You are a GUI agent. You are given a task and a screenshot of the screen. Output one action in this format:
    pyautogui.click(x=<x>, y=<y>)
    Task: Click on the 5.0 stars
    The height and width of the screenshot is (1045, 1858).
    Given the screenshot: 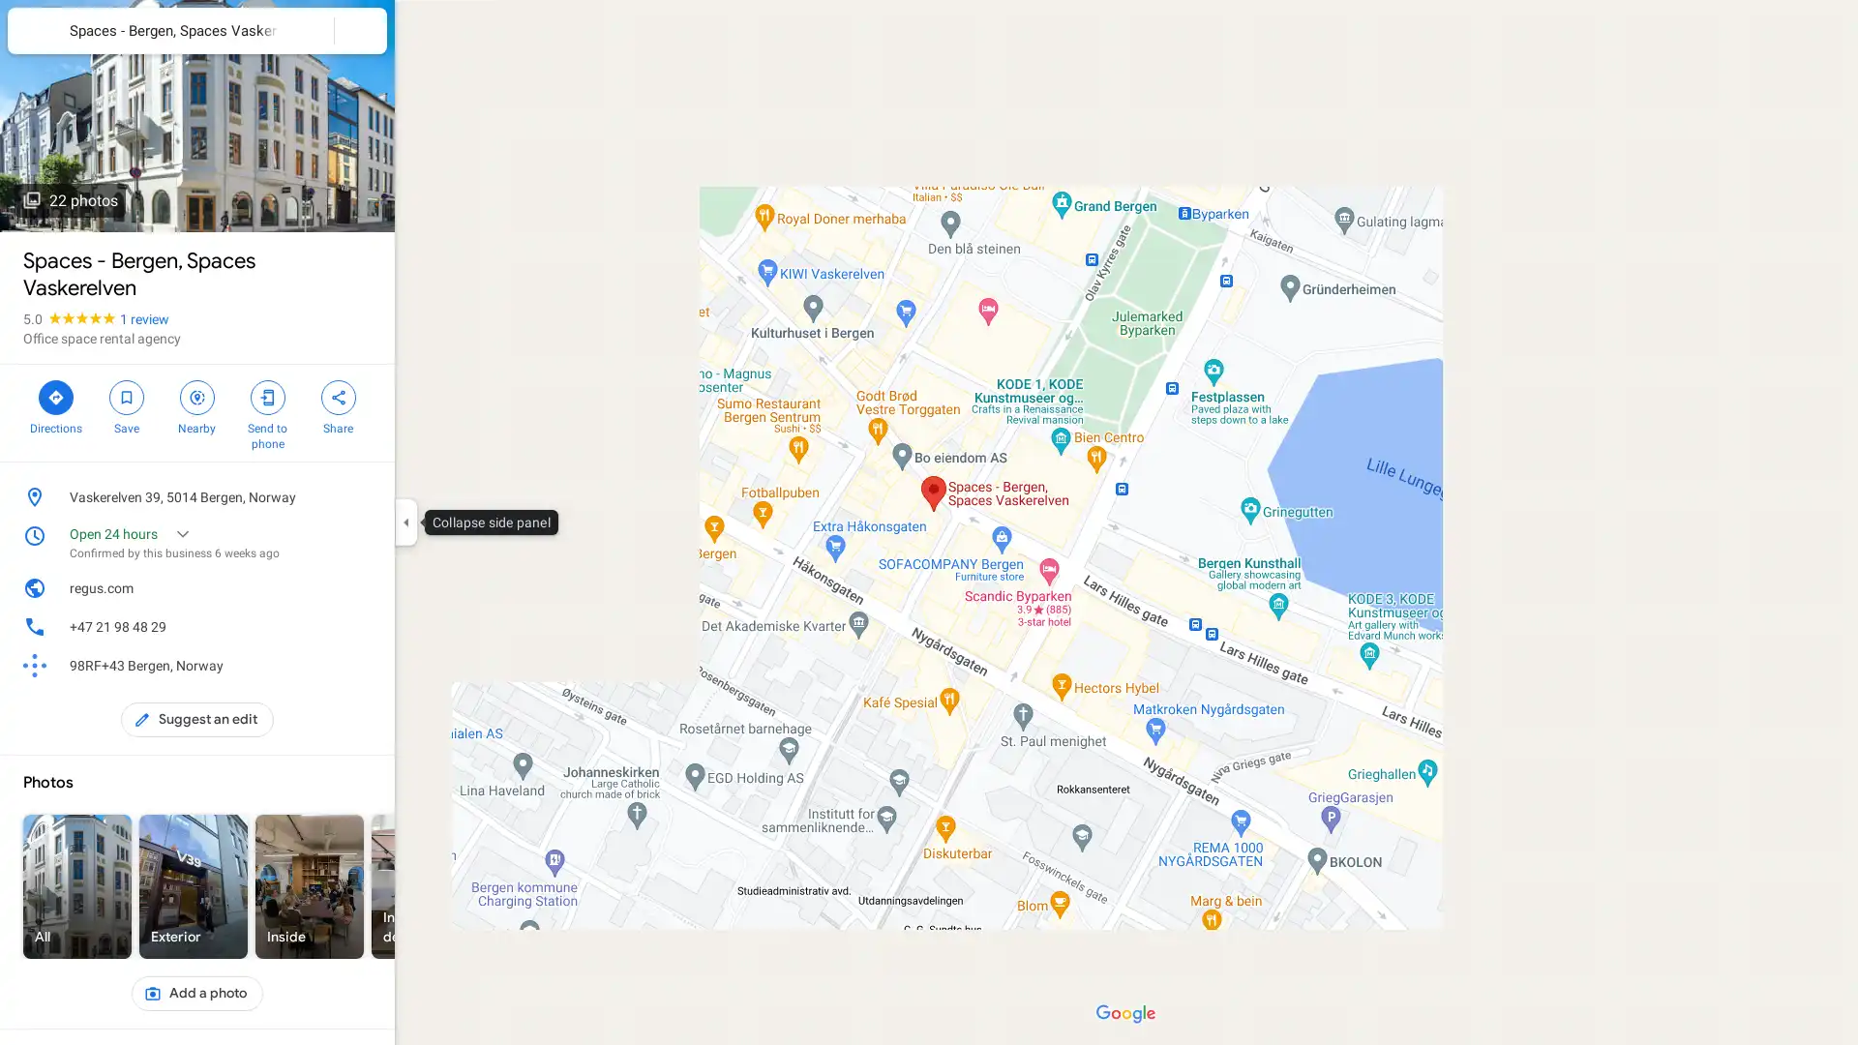 What is the action you would take?
    pyautogui.click(x=71, y=318)
    